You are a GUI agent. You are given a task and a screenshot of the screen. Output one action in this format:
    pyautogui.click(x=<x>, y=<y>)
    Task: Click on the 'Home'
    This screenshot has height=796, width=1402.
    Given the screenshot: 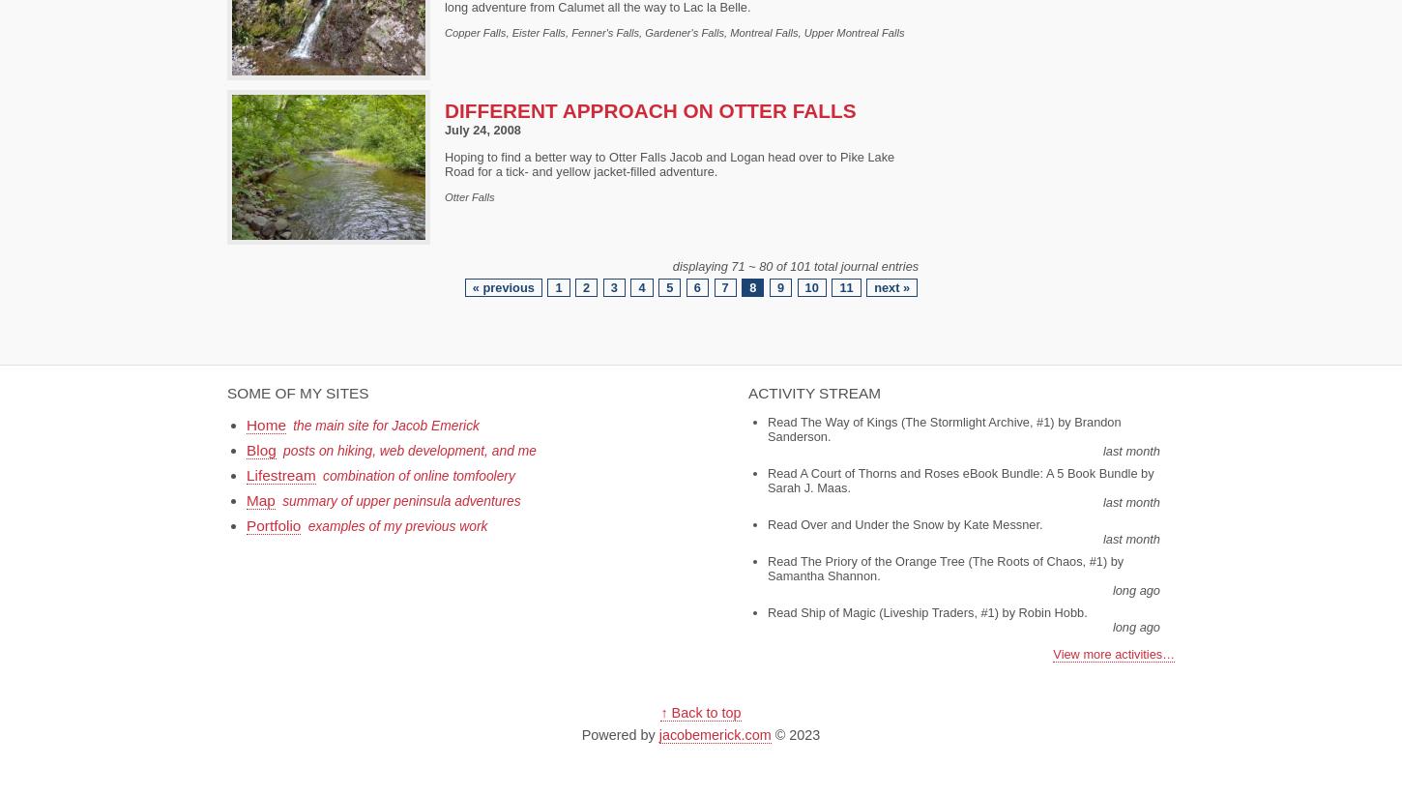 What is the action you would take?
    pyautogui.click(x=266, y=425)
    